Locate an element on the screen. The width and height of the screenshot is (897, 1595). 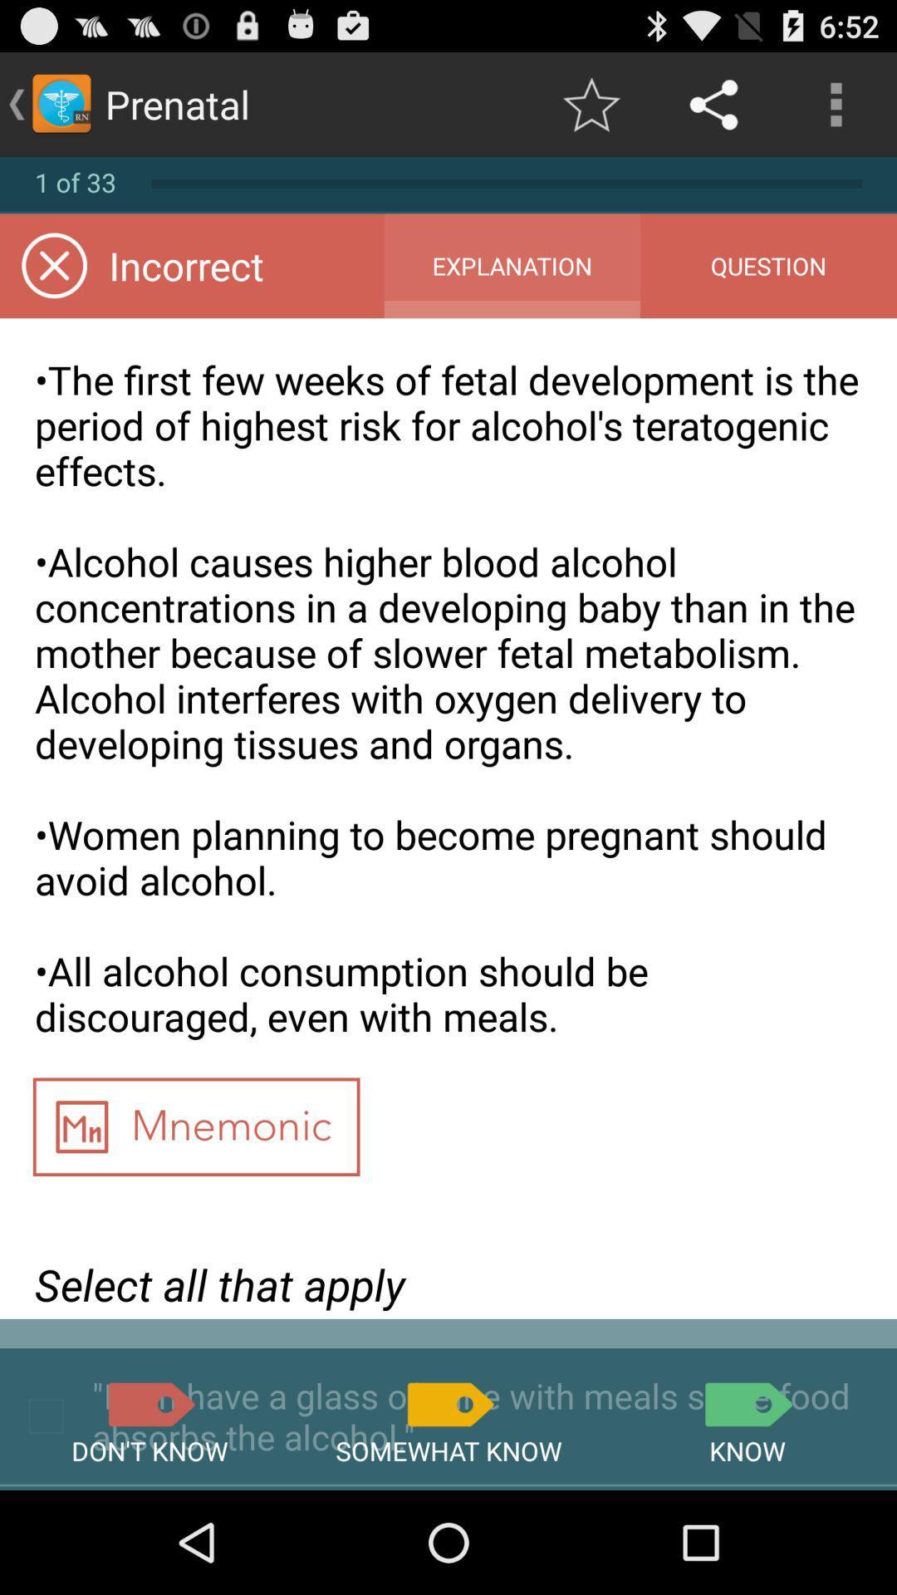
somewhat know answer button is located at coordinates (448, 1403).